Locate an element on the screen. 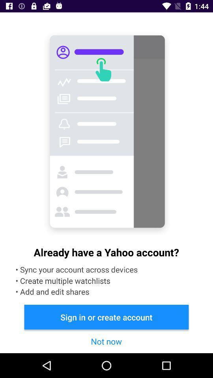  not now icon is located at coordinates (106, 341).